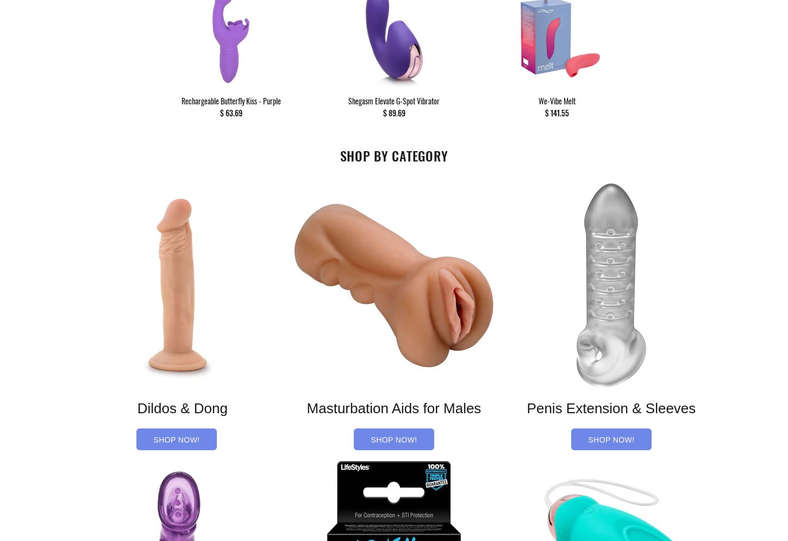 The width and height of the screenshot is (788, 541). I want to click on '$ 141.55', so click(545, 112).